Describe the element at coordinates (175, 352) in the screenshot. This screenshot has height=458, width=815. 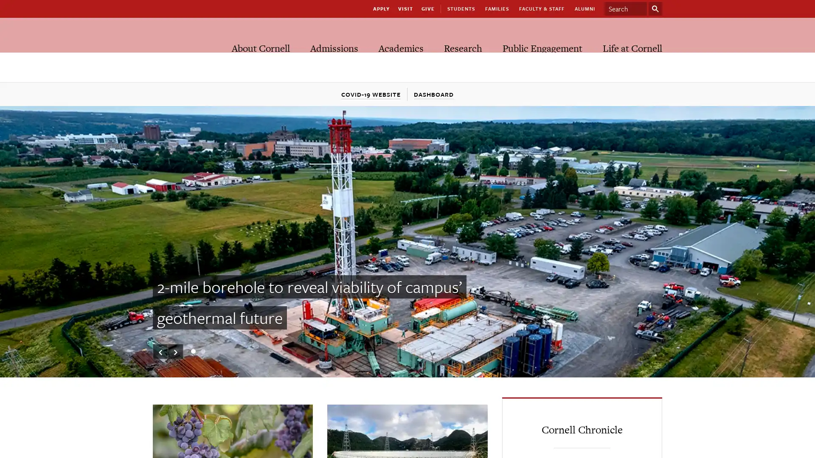
I see `Next slide` at that location.